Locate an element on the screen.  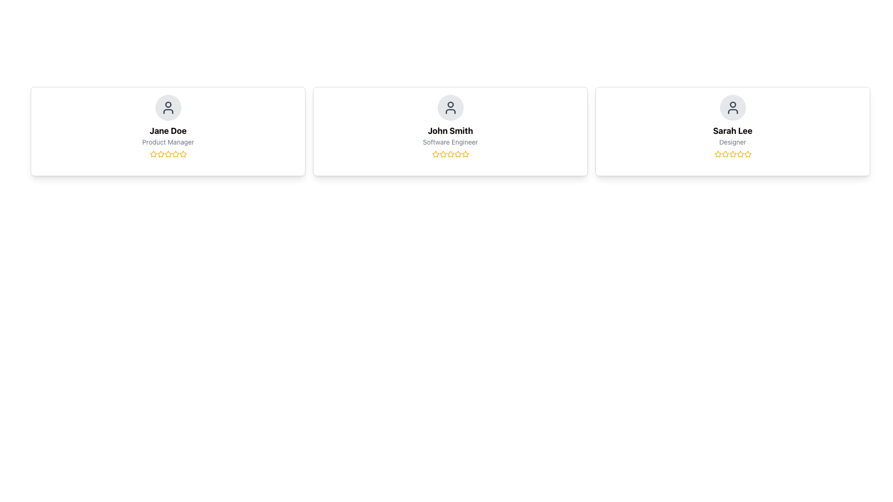
the second star icon in the 5-star rating system located beneath the 'Jane Doe' user card is located at coordinates (175, 153).